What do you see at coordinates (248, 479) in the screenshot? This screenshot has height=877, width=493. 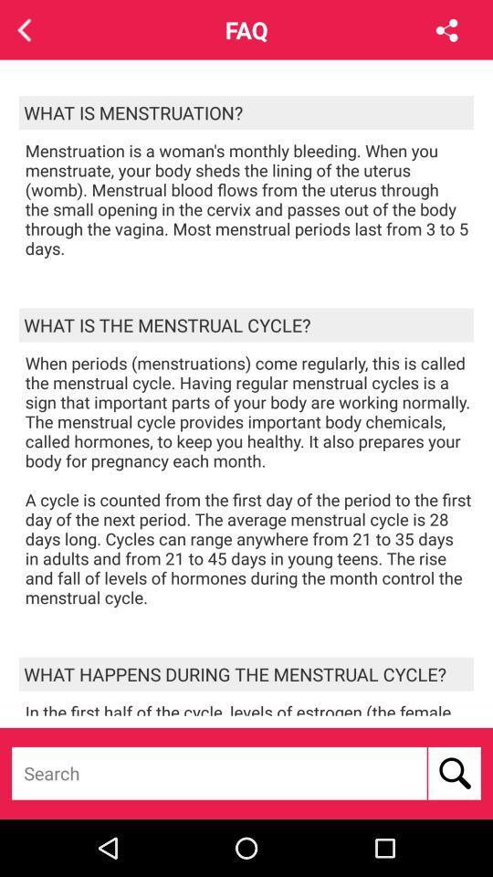 I see `the app below the what is the app` at bounding box center [248, 479].